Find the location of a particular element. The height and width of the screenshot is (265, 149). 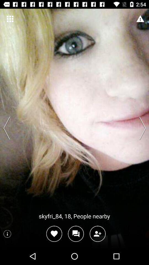

begin chat is located at coordinates (76, 234).